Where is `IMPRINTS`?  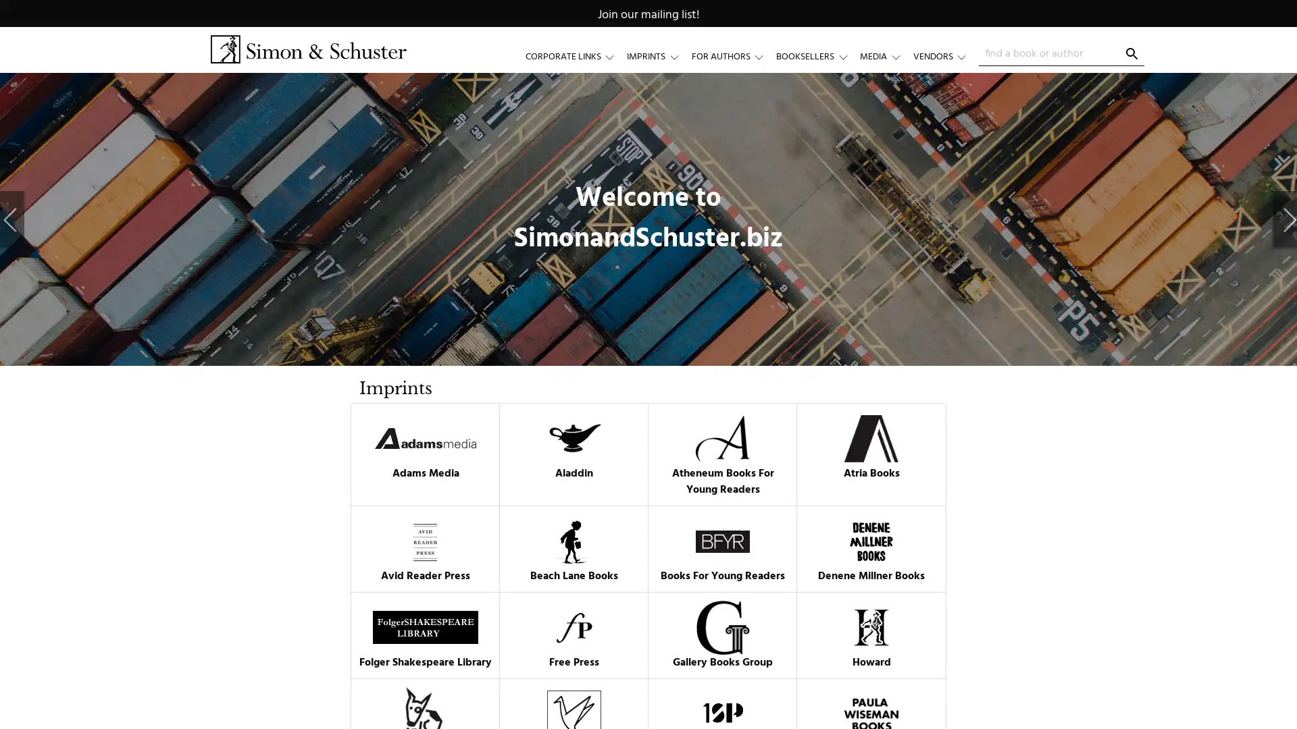 IMPRINTS is located at coordinates (659, 56).